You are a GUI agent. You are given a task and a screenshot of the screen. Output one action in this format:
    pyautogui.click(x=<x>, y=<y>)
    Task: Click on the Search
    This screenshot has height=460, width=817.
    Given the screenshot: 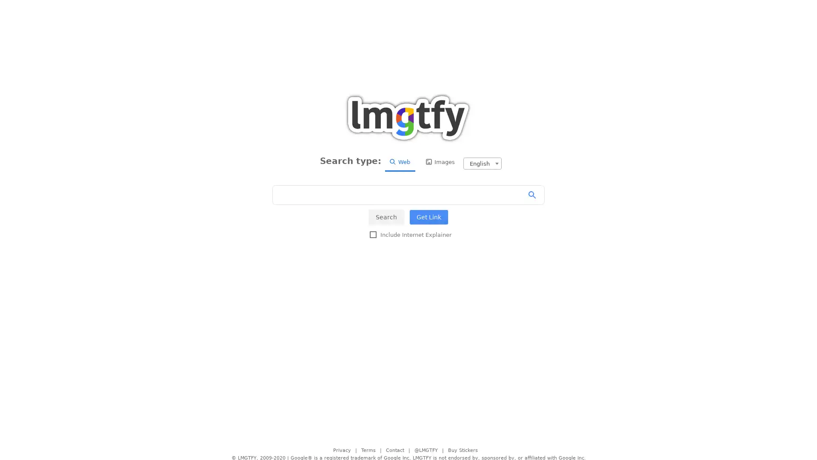 What is the action you would take?
    pyautogui.click(x=534, y=195)
    